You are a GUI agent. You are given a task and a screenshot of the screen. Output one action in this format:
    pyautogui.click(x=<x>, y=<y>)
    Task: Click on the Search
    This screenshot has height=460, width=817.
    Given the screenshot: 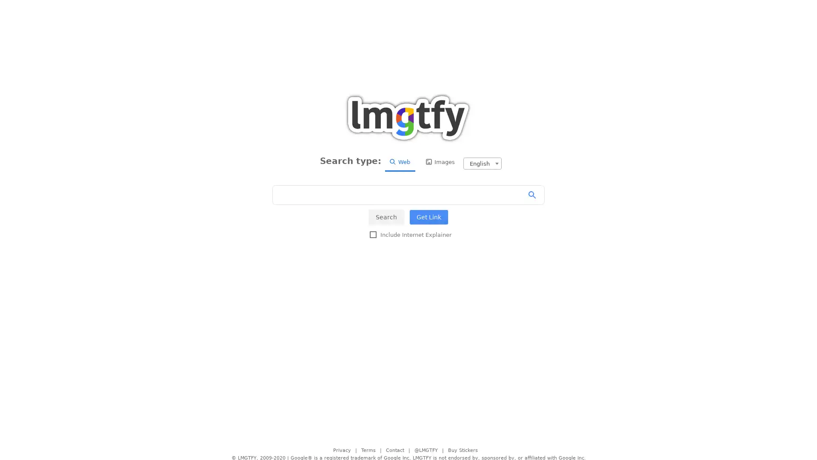 What is the action you would take?
    pyautogui.click(x=534, y=195)
    